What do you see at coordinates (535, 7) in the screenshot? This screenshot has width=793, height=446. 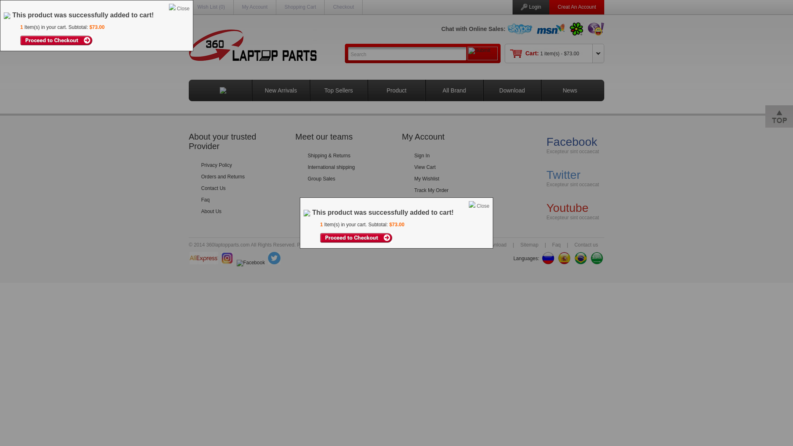 I see `'Login'` at bounding box center [535, 7].